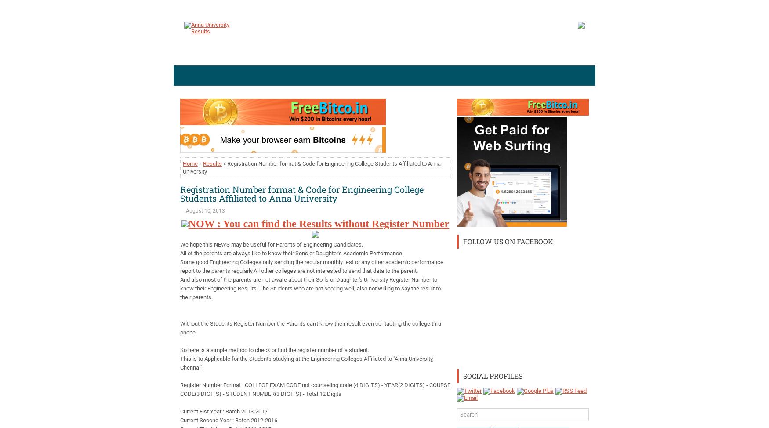  I want to click on 'Register  Number Format : COLLEGE EXAM CODE not counseling code (4 DIGITS) - YEAR(2 DIGITS) - COURSE CODE(3  DIGITS) - STUDENT NUMBER(3 DIGITS) - Total 12 Digits', so click(315, 389).